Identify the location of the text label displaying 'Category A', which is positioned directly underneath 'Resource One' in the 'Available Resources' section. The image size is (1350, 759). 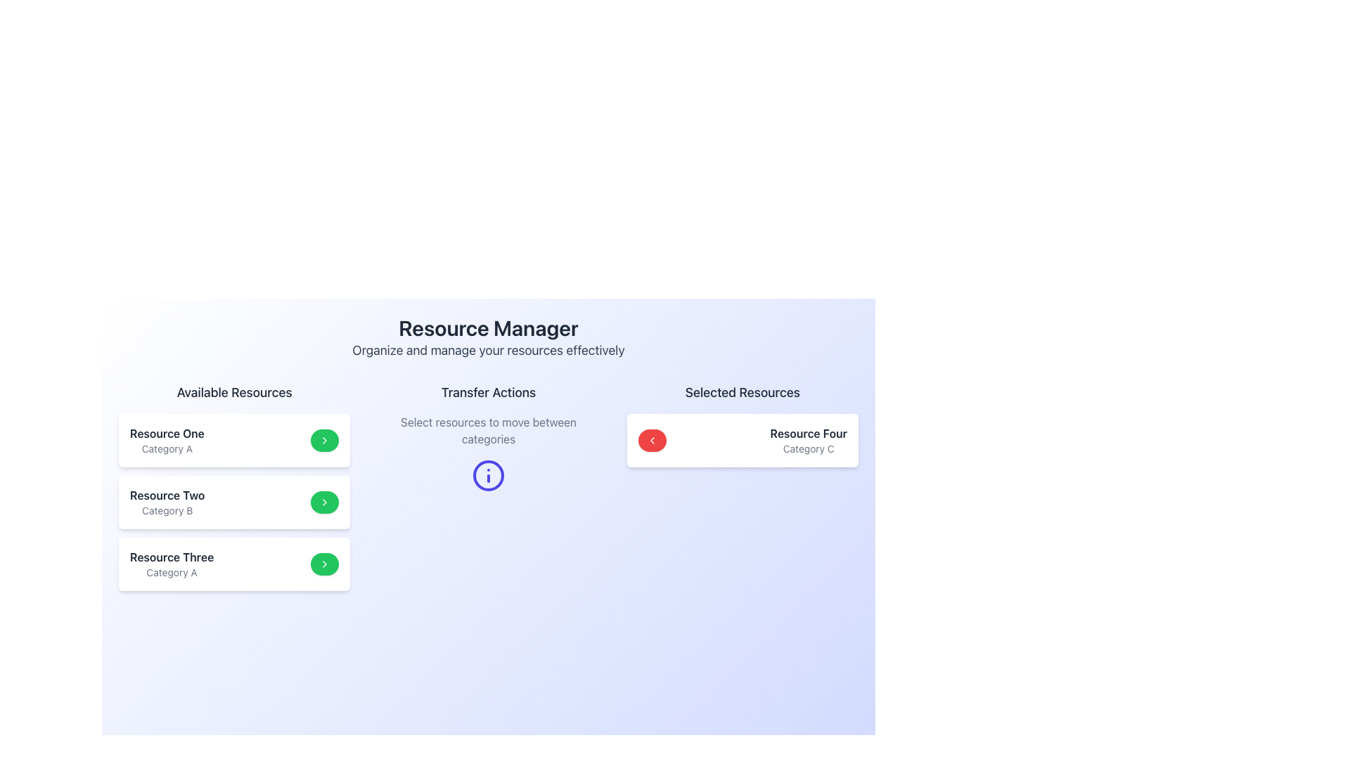
(167, 449).